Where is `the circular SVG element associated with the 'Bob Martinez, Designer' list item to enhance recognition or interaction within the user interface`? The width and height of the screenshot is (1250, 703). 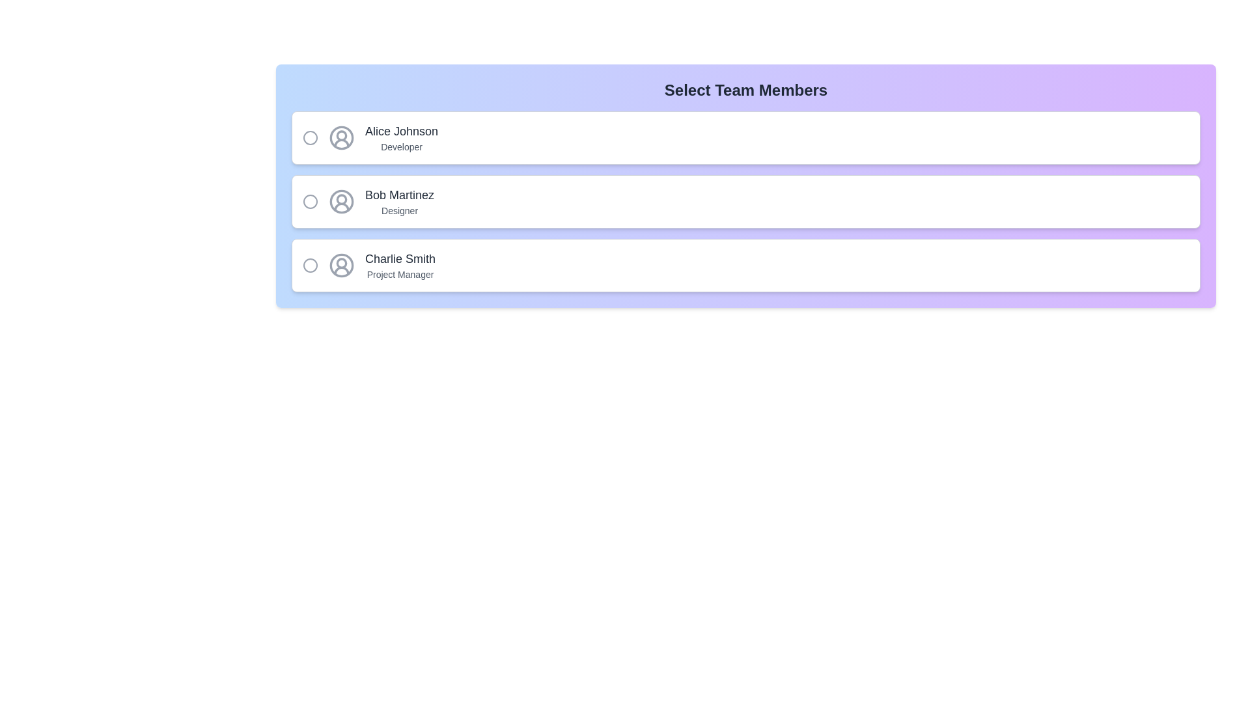
the circular SVG element associated with the 'Bob Martinez, Designer' list item to enhance recognition or interaction within the user interface is located at coordinates (309, 201).